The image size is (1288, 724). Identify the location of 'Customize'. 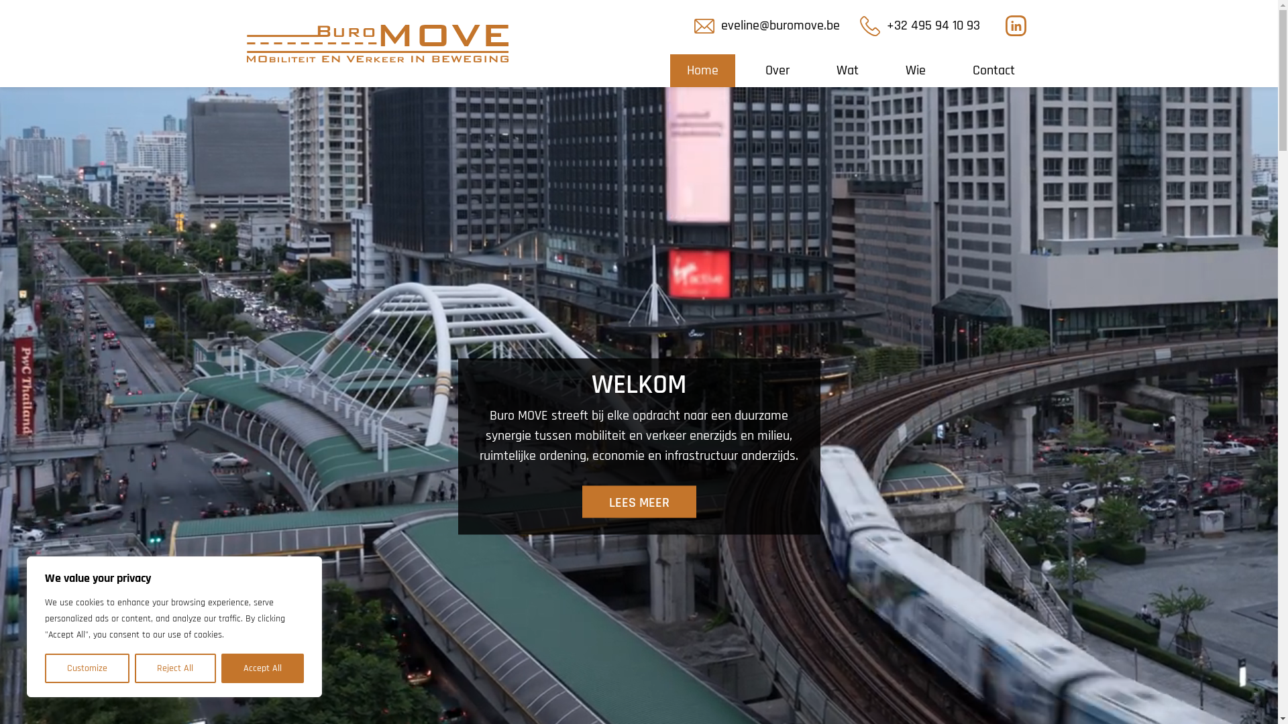
(86, 668).